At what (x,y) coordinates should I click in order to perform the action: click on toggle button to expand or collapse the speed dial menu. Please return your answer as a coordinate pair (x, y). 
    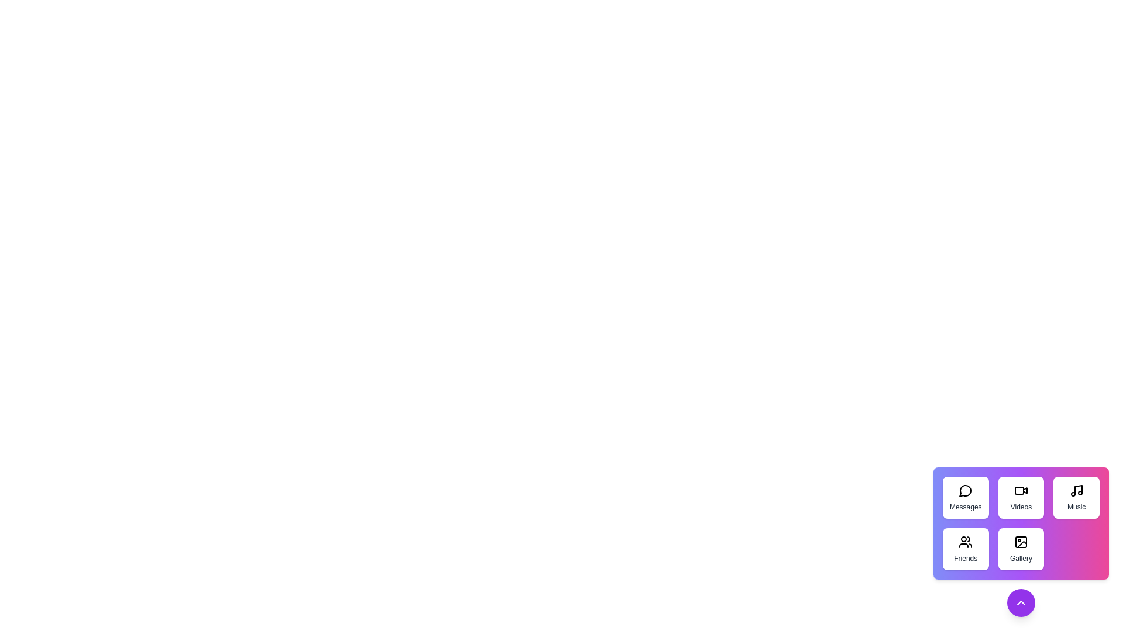
    Looking at the image, I should click on (1020, 603).